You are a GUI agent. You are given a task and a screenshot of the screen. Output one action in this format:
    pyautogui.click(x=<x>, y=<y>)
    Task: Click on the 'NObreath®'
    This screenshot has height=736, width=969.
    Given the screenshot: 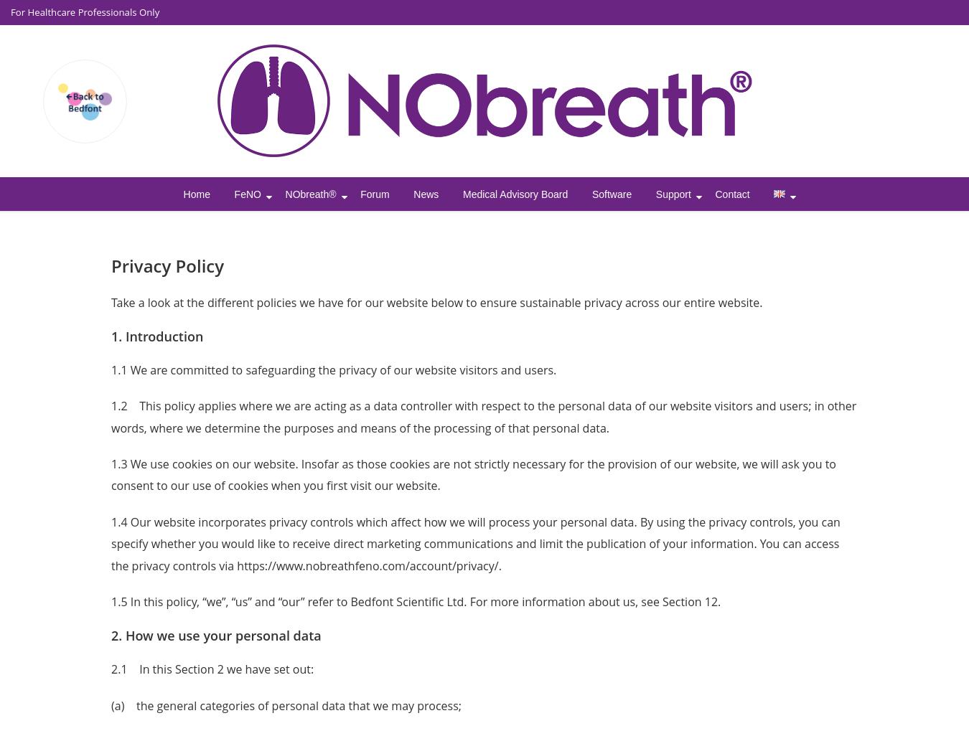 What is the action you would take?
    pyautogui.click(x=285, y=193)
    